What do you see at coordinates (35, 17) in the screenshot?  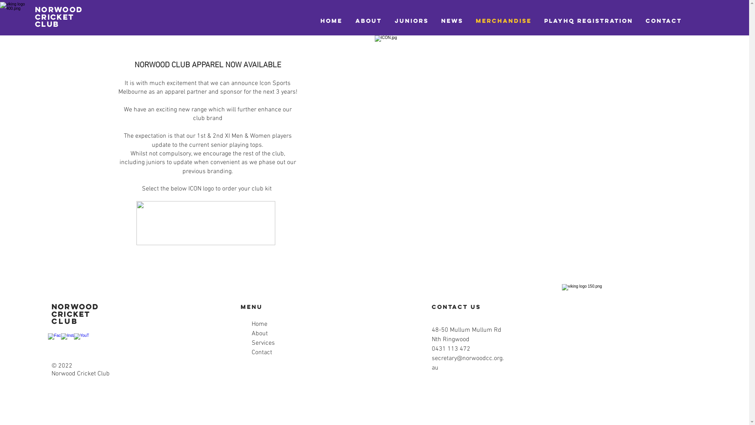 I see `'Norwood` at bounding box center [35, 17].